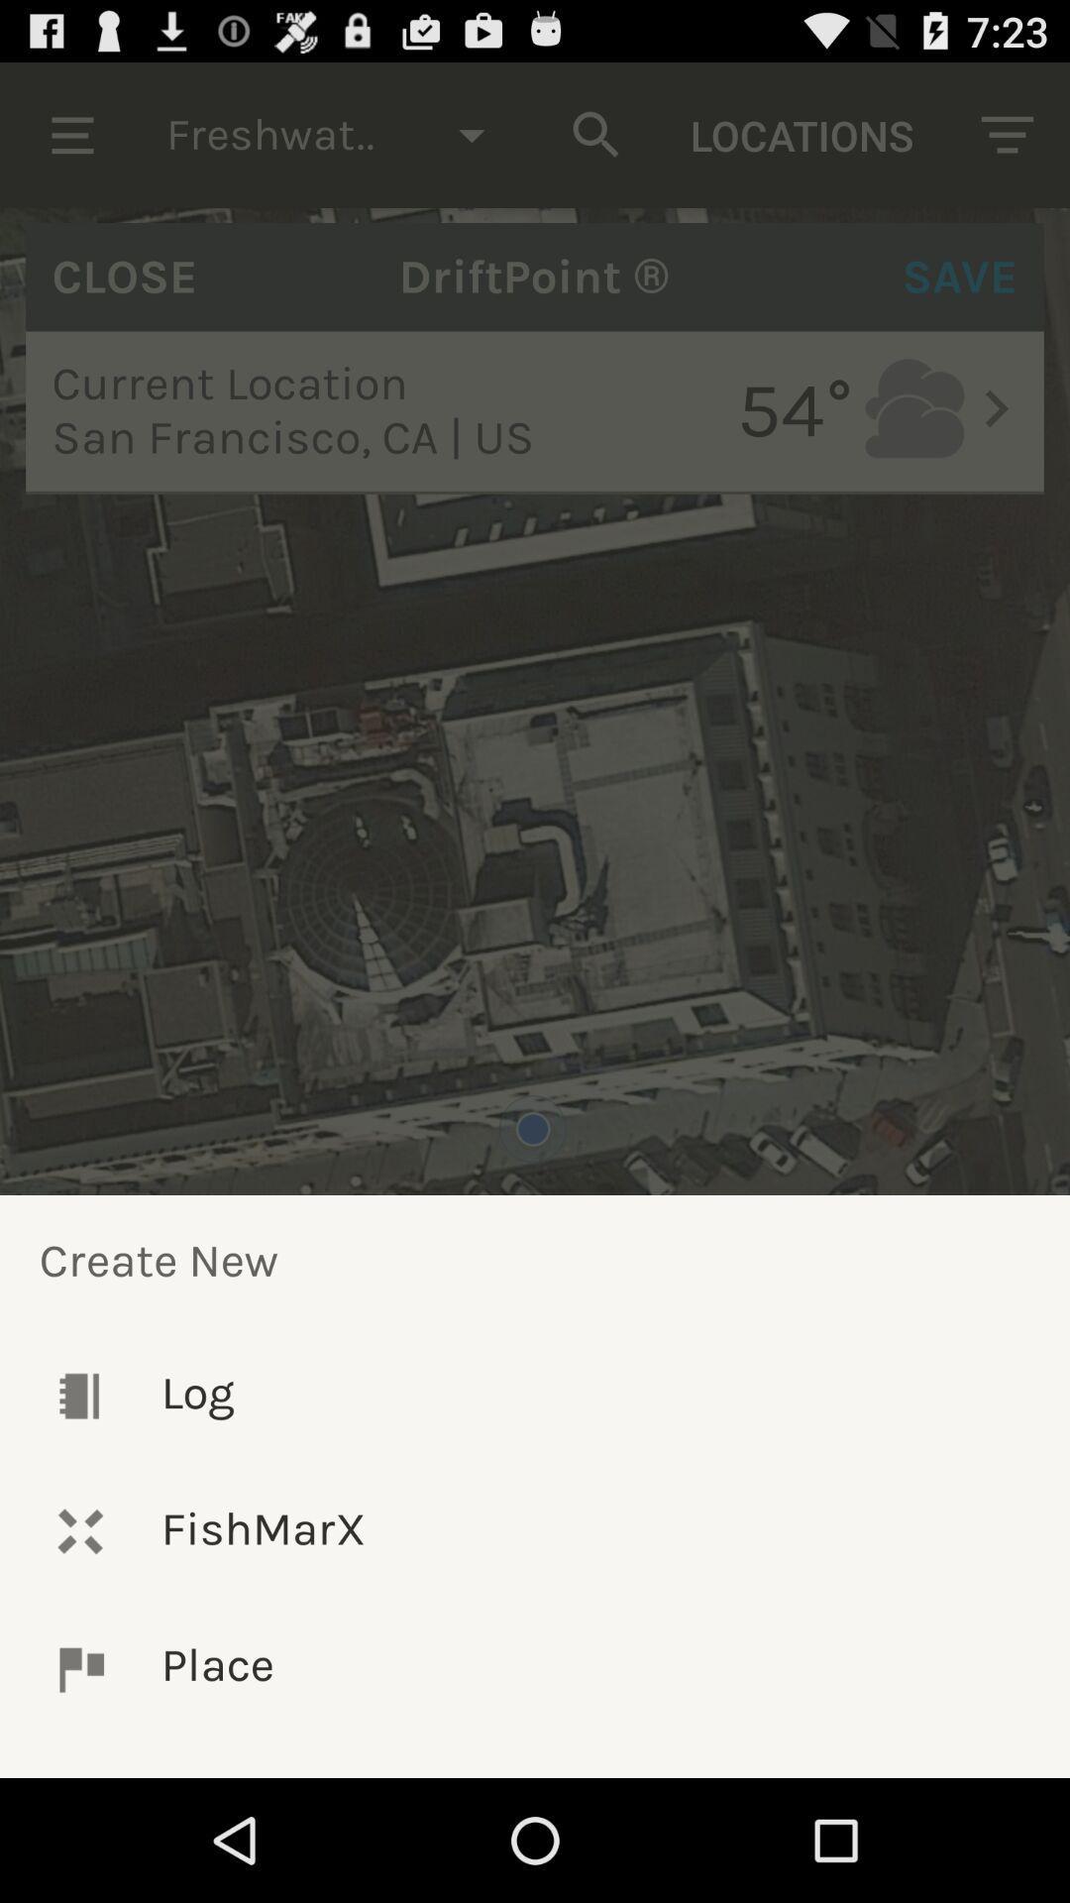 The width and height of the screenshot is (1070, 1903). Describe the element at coordinates (535, 1395) in the screenshot. I see `log` at that location.